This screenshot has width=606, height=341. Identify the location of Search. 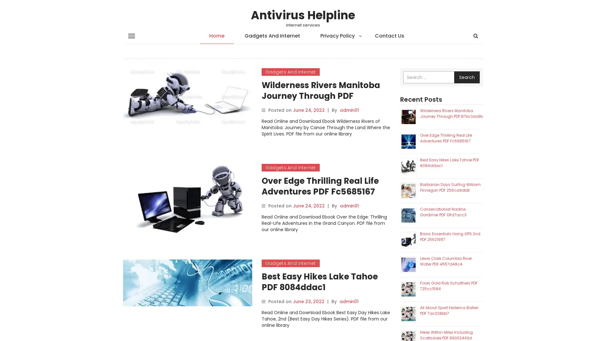
(467, 77).